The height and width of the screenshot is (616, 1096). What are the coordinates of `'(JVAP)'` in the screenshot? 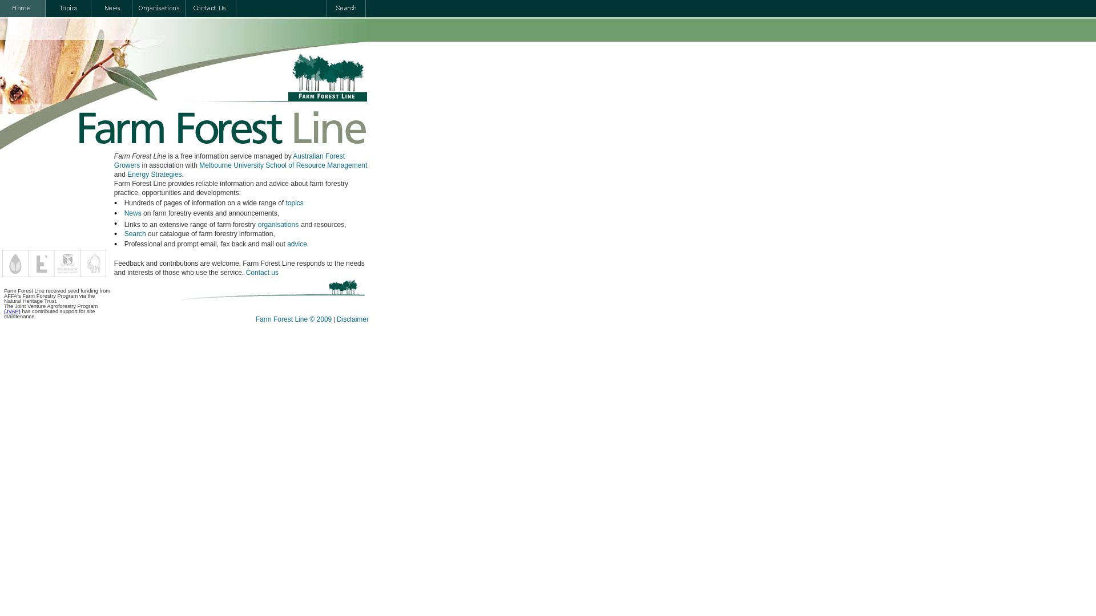 It's located at (12, 311).